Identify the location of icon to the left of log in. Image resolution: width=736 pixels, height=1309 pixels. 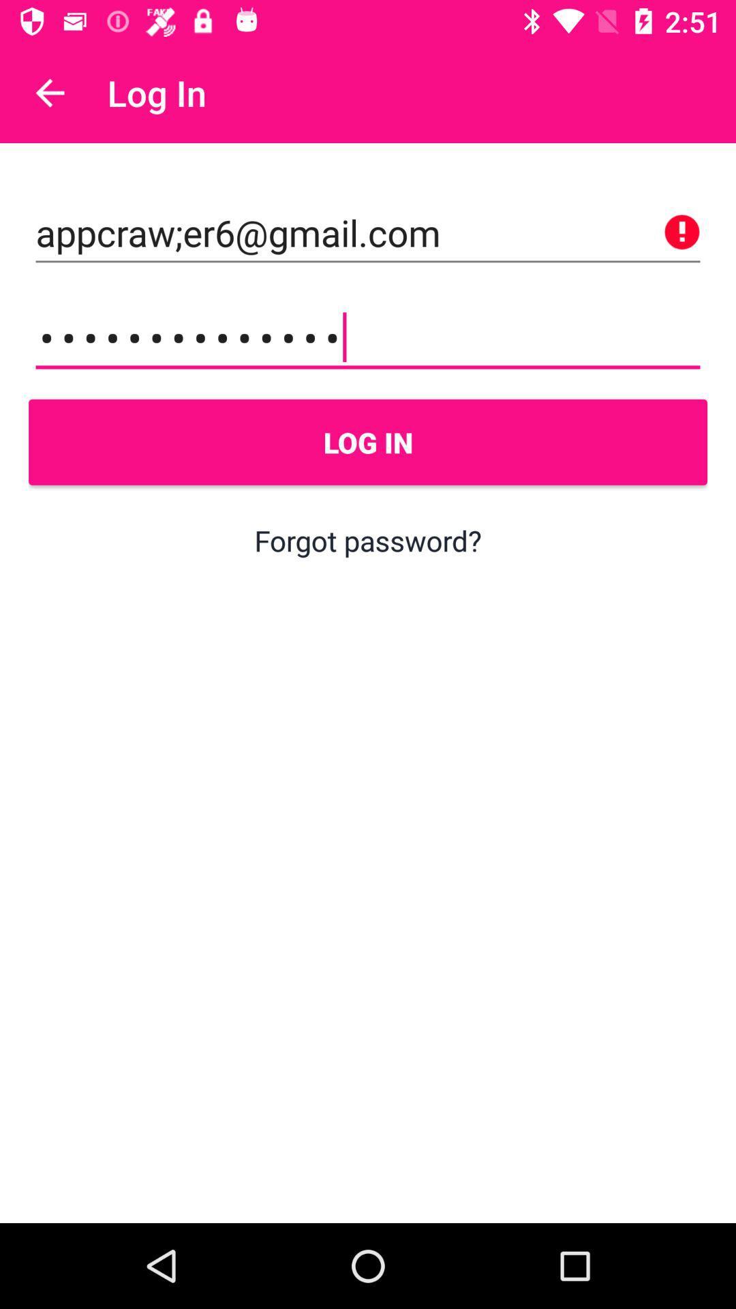
(49, 92).